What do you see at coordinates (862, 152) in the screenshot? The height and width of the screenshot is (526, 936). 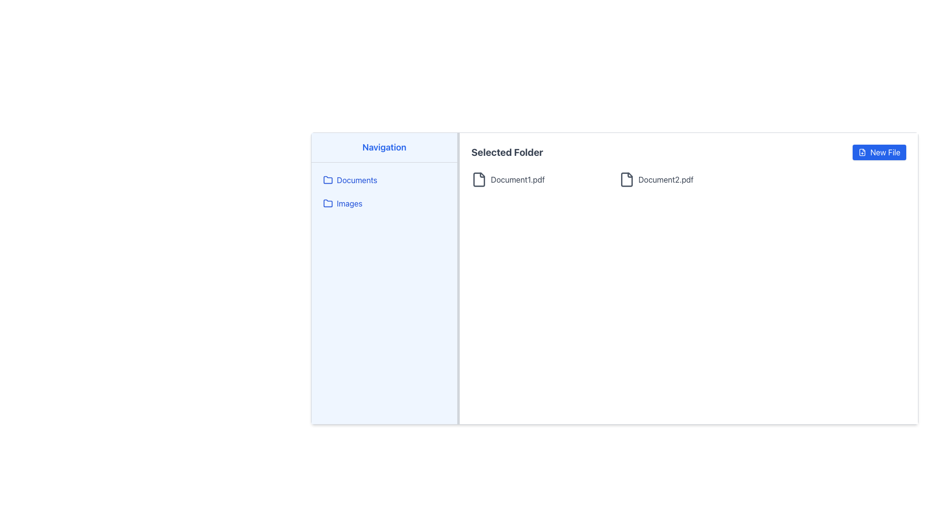 I see `the graphical icon resembling a file with a plus symbol, located inside the 'New File' button in the top-right corner of the interface` at bounding box center [862, 152].